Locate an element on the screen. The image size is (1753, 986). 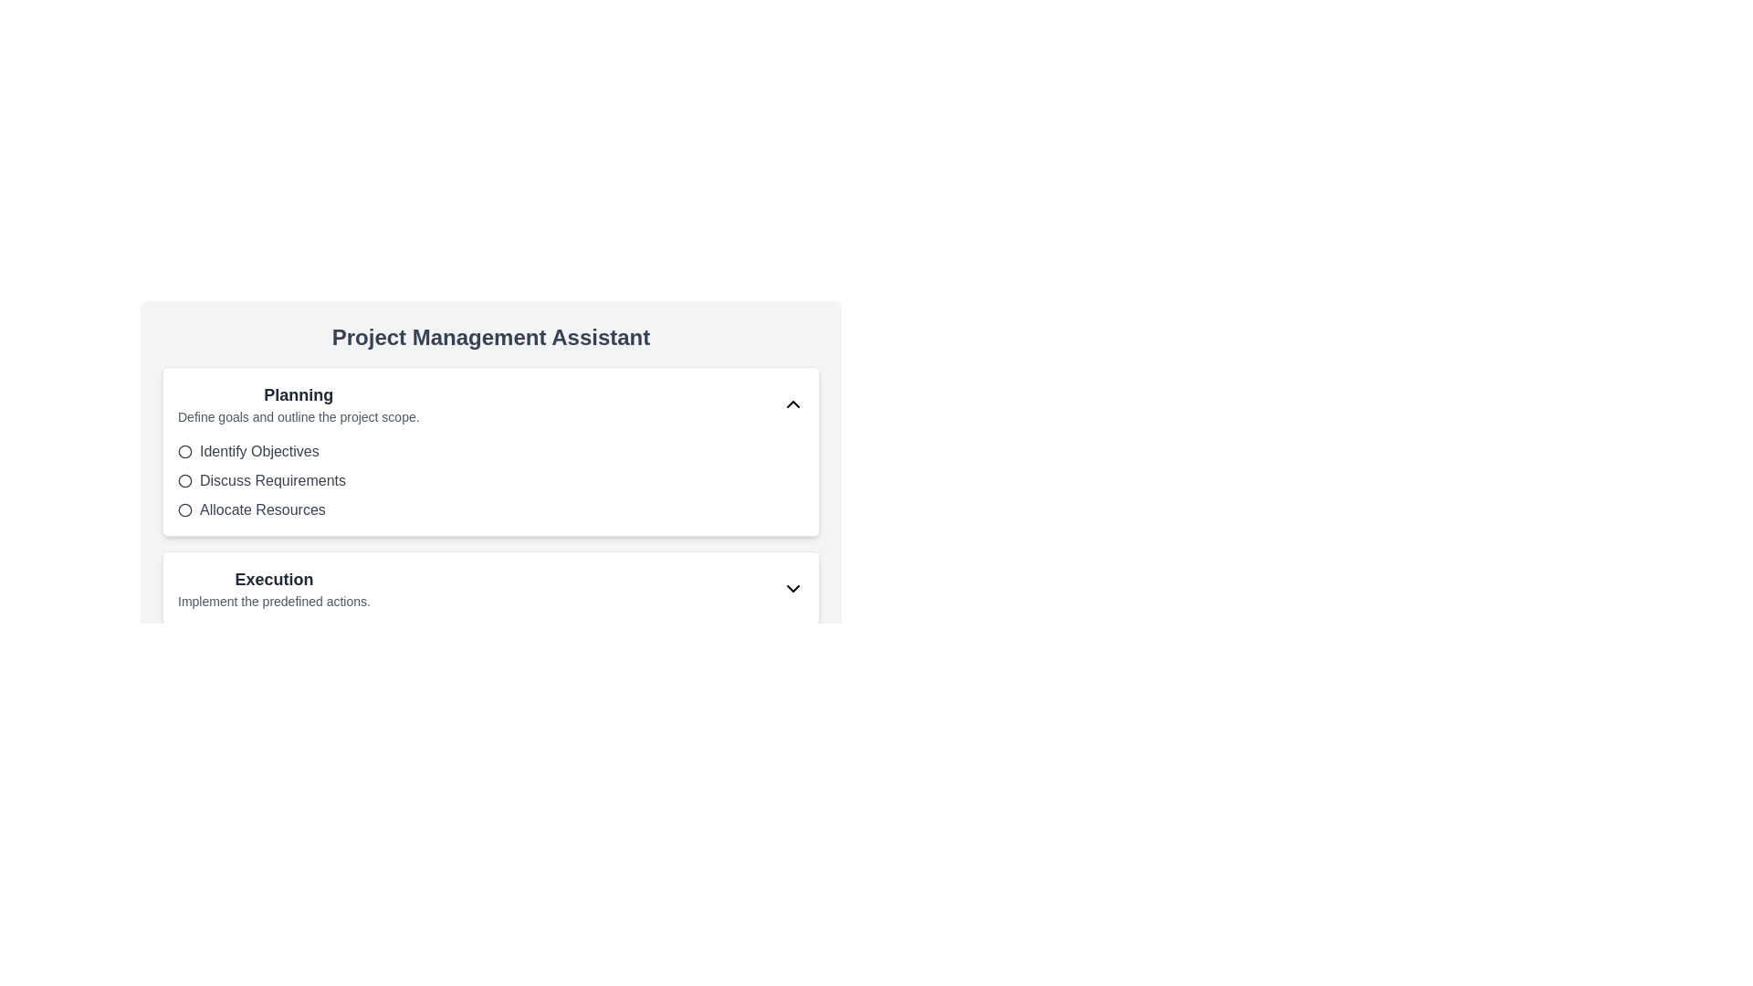
the text label that serves as the title or heading for the section, positioned above the descriptive text 'Define goals and outline the project scope.' is located at coordinates (299, 393).